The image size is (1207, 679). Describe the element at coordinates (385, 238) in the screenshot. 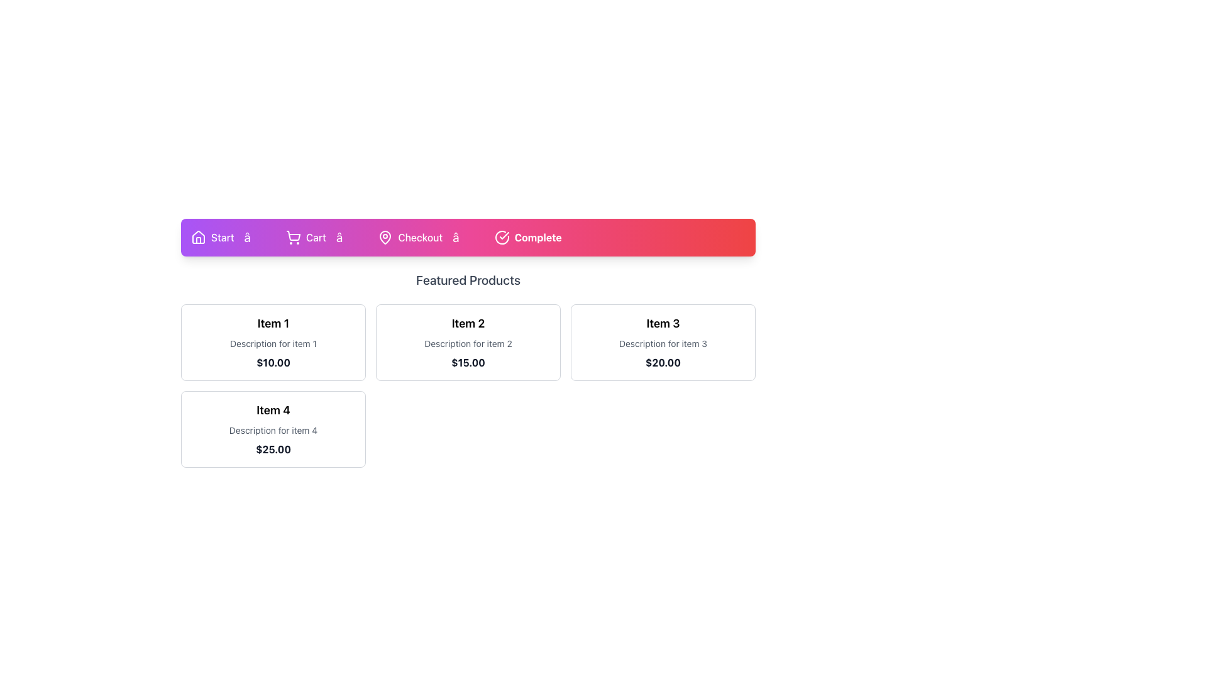

I see `the location-related icon in the navigation bar next to the 'Checkout' text` at that location.